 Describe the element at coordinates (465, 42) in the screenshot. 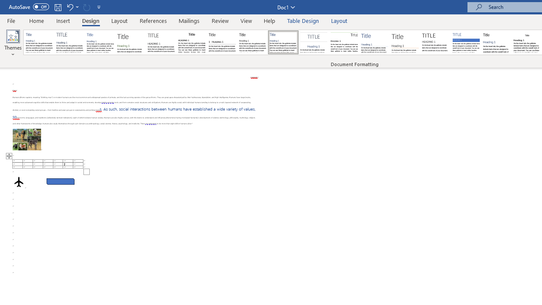

I see `'Shaded'` at that location.